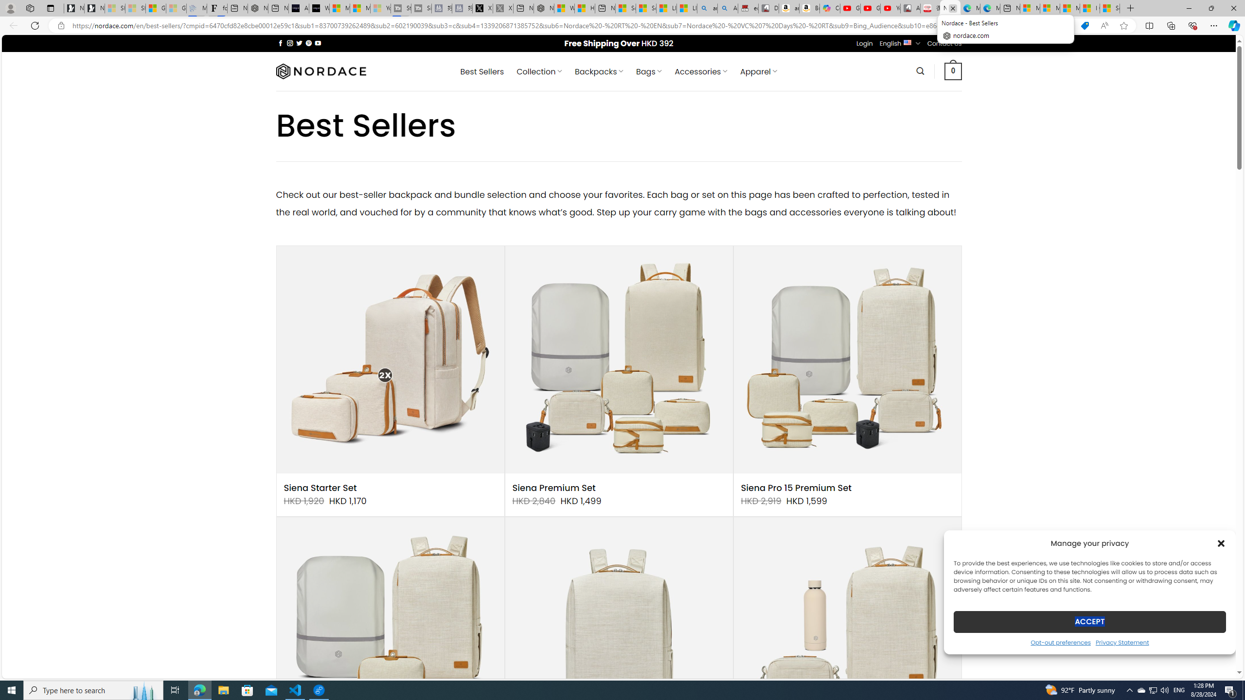  Describe the element at coordinates (30, 8) in the screenshot. I see `'Workspaces'` at that location.